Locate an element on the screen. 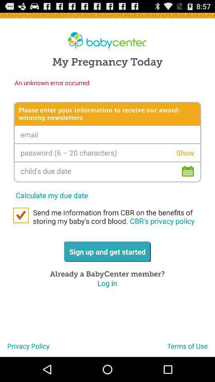 The image size is (215, 382). sign up and item is located at coordinates (107, 251).